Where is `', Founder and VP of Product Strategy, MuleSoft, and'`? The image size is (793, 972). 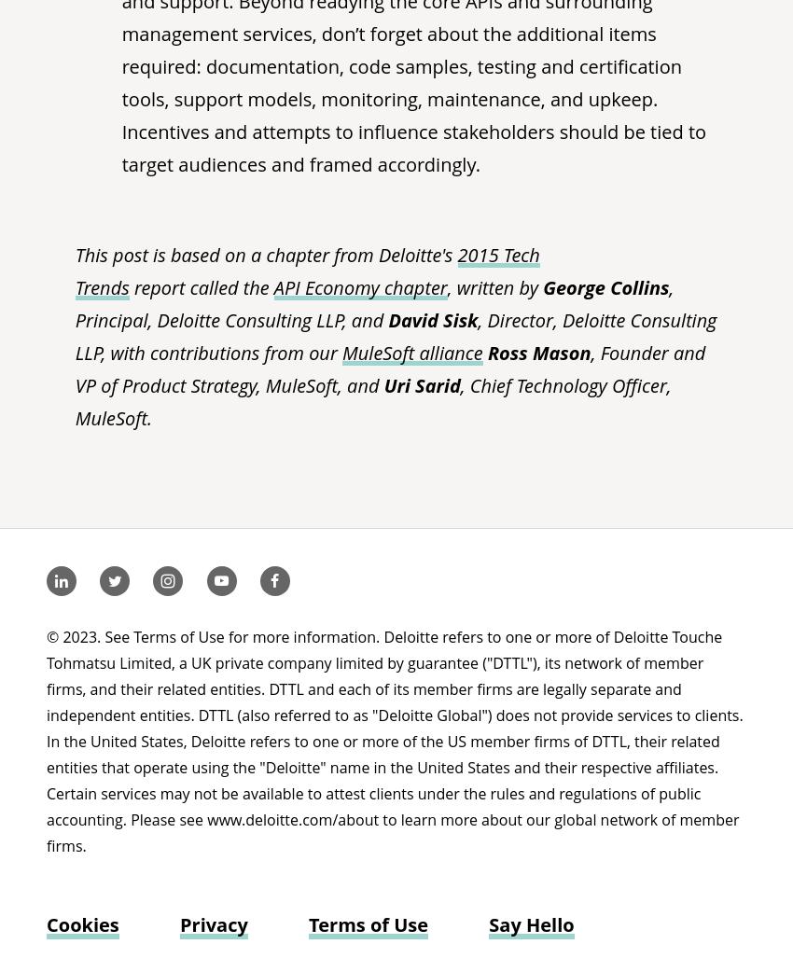
', Founder and VP of Product Strategy, MuleSoft, and' is located at coordinates (390, 368).